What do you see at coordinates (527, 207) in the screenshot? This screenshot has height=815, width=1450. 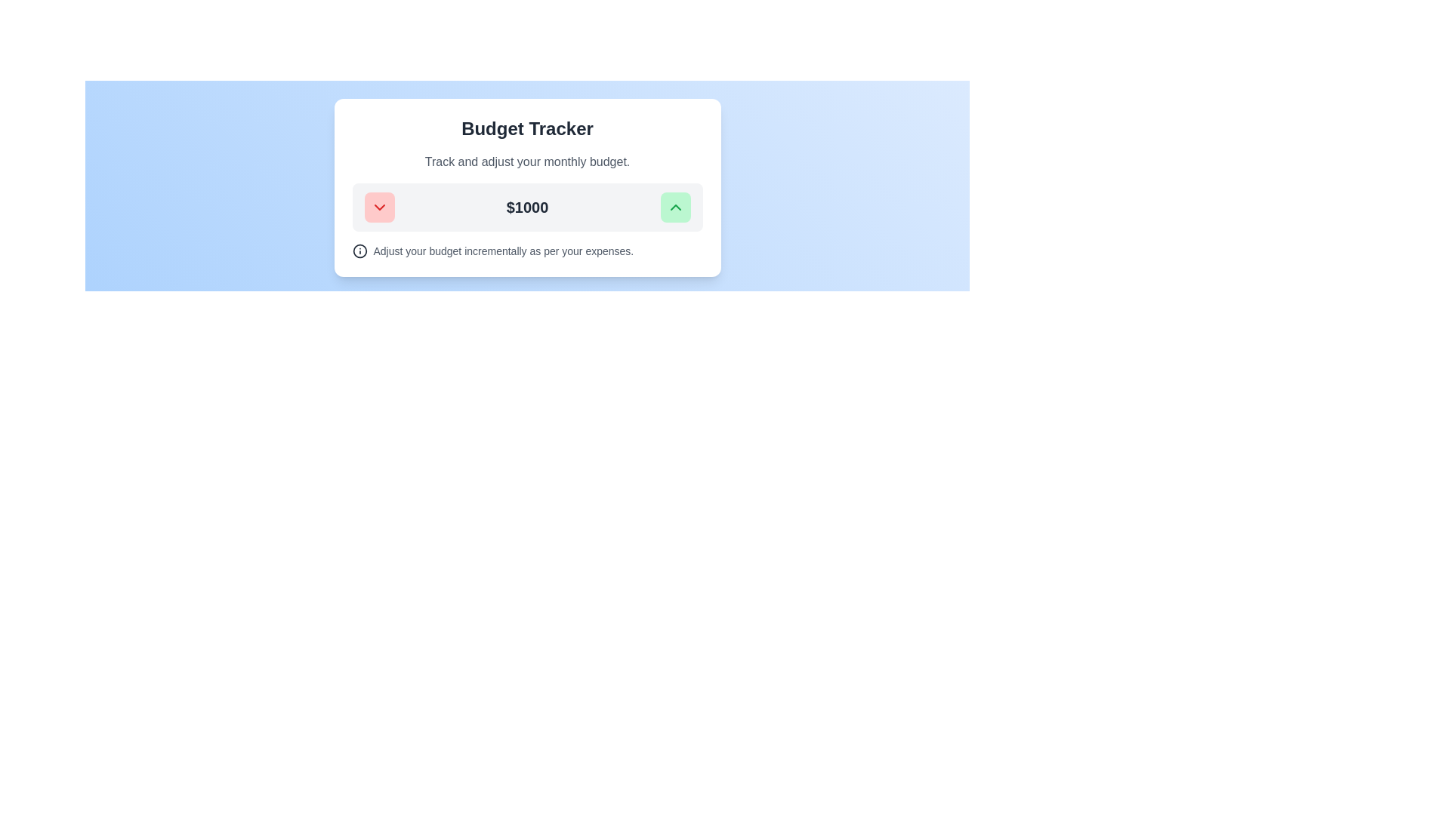 I see `the text display box that shows the user's current budget value, located centrally beneath the title 'Budget Tracker' and the subtitle 'Track and adjust your monthly budget'` at bounding box center [527, 207].